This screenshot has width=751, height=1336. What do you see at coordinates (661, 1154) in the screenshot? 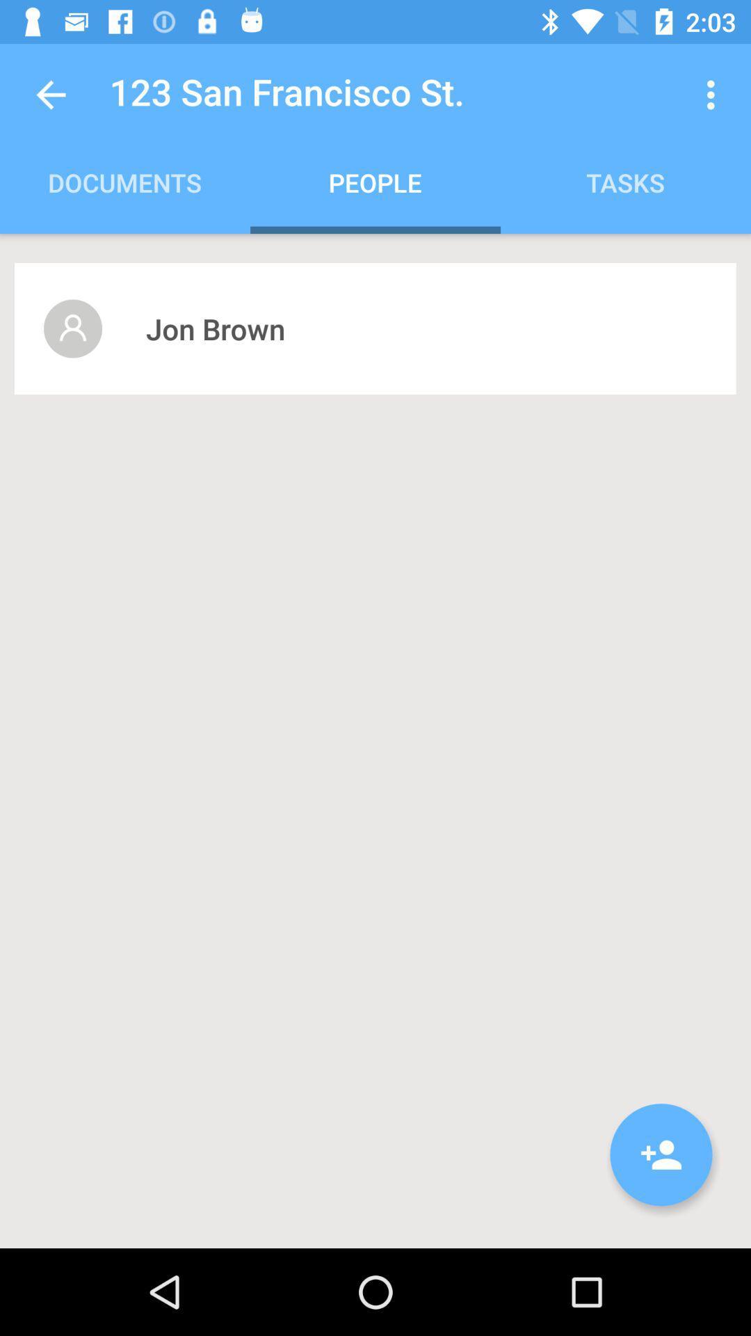
I see `the item at the bottom right corner` at bounding box center [661, 1154].